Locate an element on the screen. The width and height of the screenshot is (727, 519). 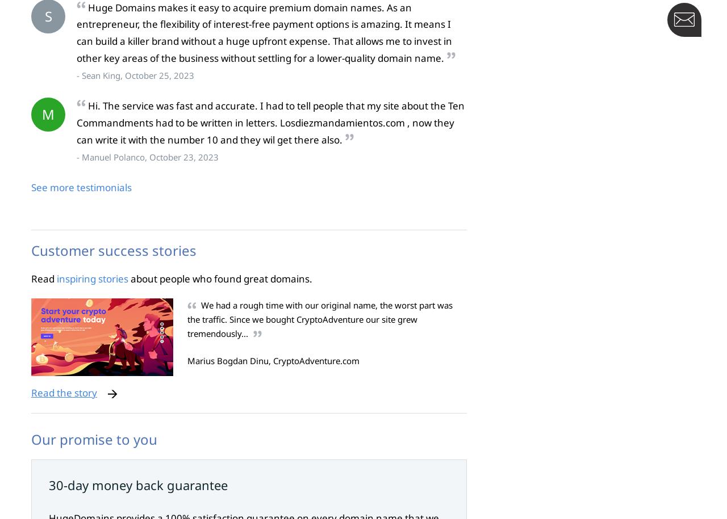
'30-day money back guarantee' is located at coordinates (137, 484).